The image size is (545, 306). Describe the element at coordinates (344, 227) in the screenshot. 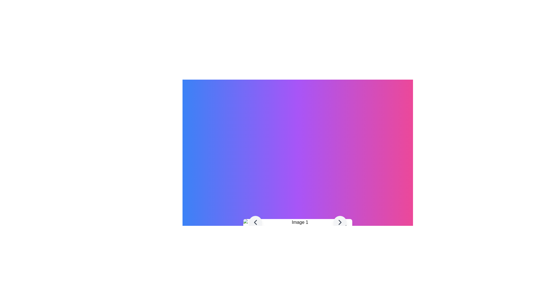

I see `the dismiss button represented by a minimalistic white 'X' icon located at the top-right corner of the image description box` at that location.